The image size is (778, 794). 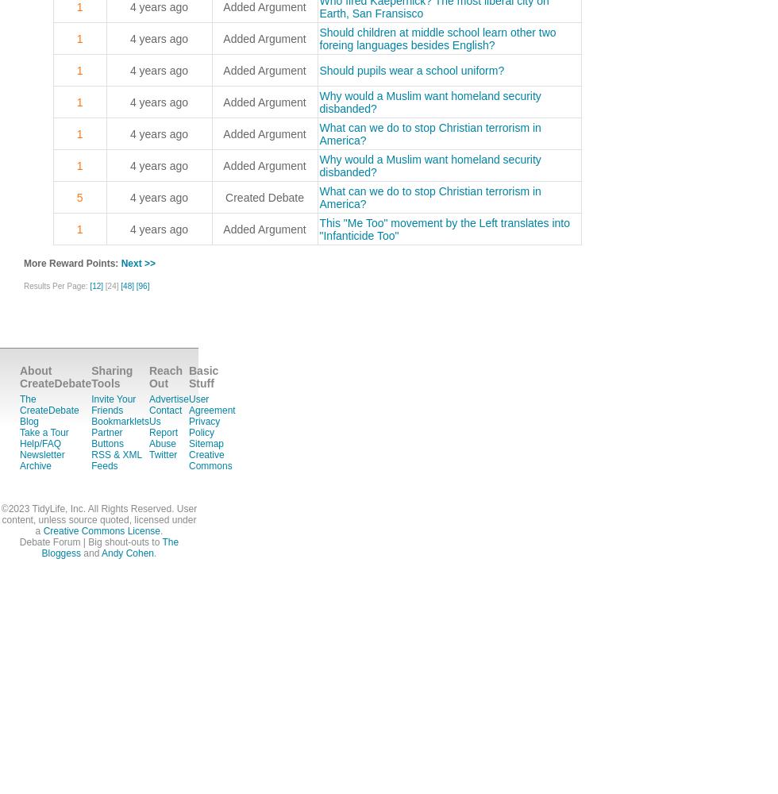 What do you see at coordinates (42, 460) in the screenshot?
I see `'Newsletter Archive'` at bounding box center [42, 460].